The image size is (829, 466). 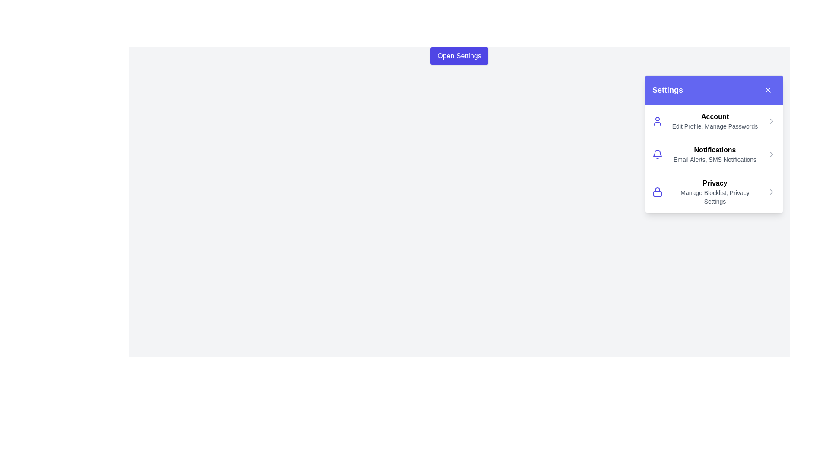 I want to click on the third list item in the 'Settings' modal that allows the user to manage privacy-related settings, so click(x=715, y=191).